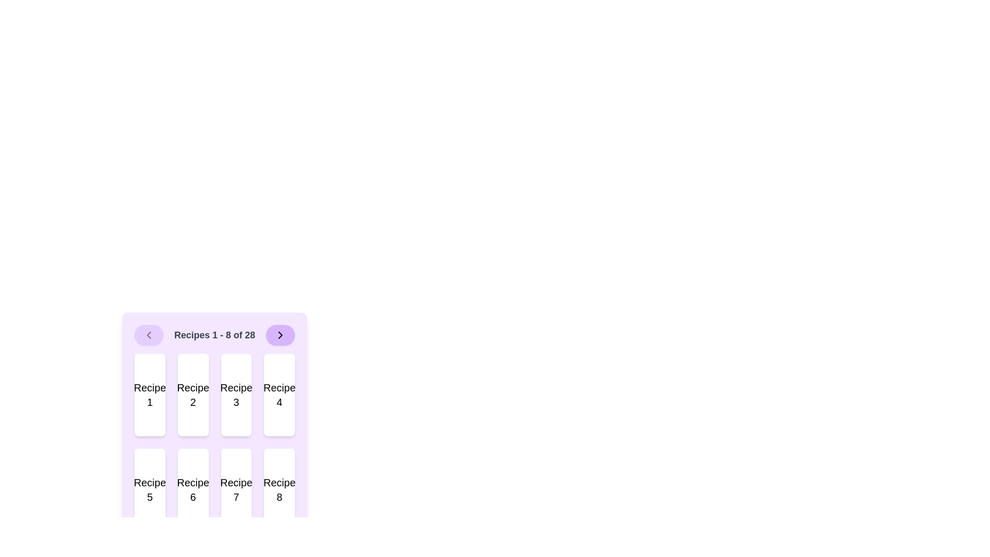  I want to click on the static text component that labels the recipe at the top-left corner of the grid layout of recipe cards, so click(149, 395).